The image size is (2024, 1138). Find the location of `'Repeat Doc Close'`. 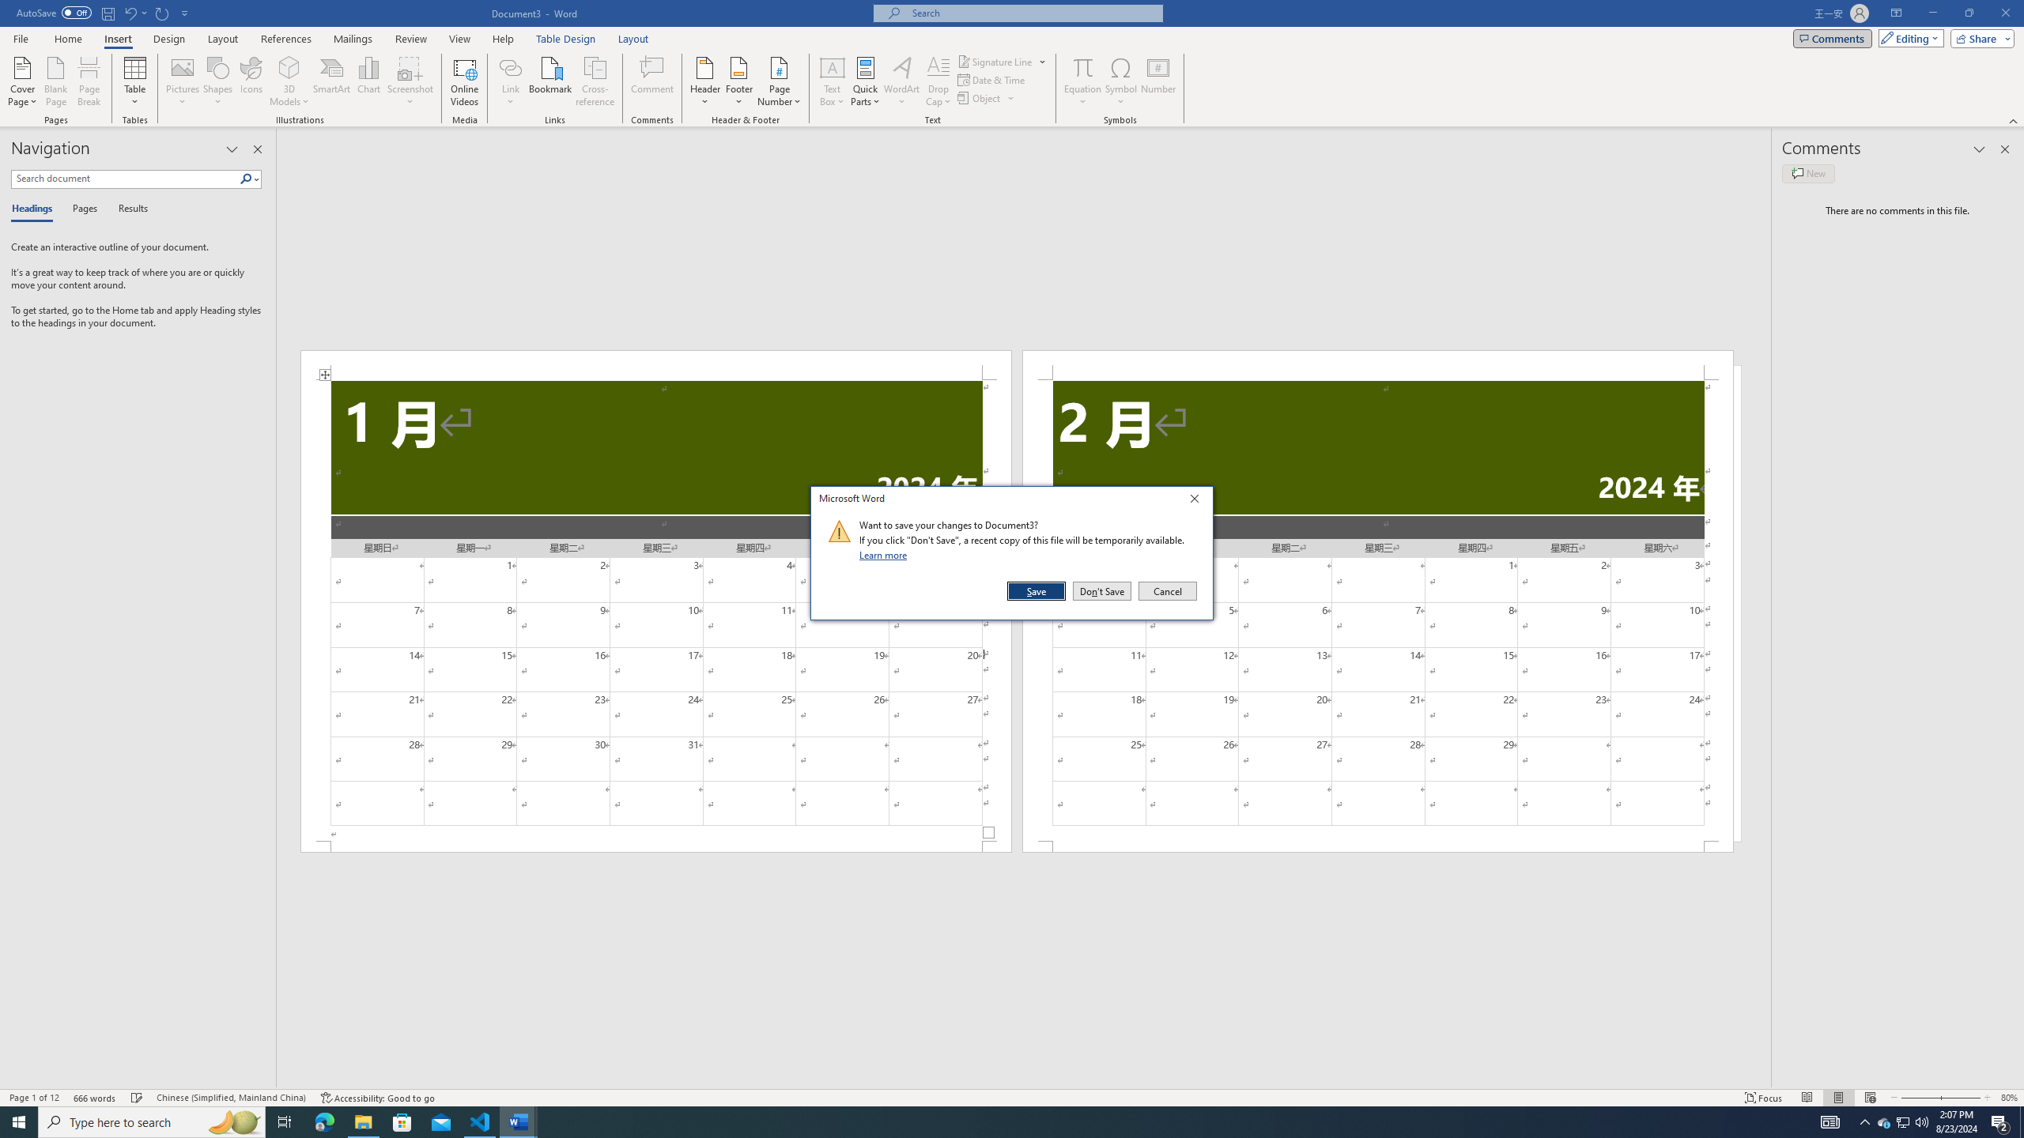

'Repeat Doc Close' is located at coordinates (162, 12).